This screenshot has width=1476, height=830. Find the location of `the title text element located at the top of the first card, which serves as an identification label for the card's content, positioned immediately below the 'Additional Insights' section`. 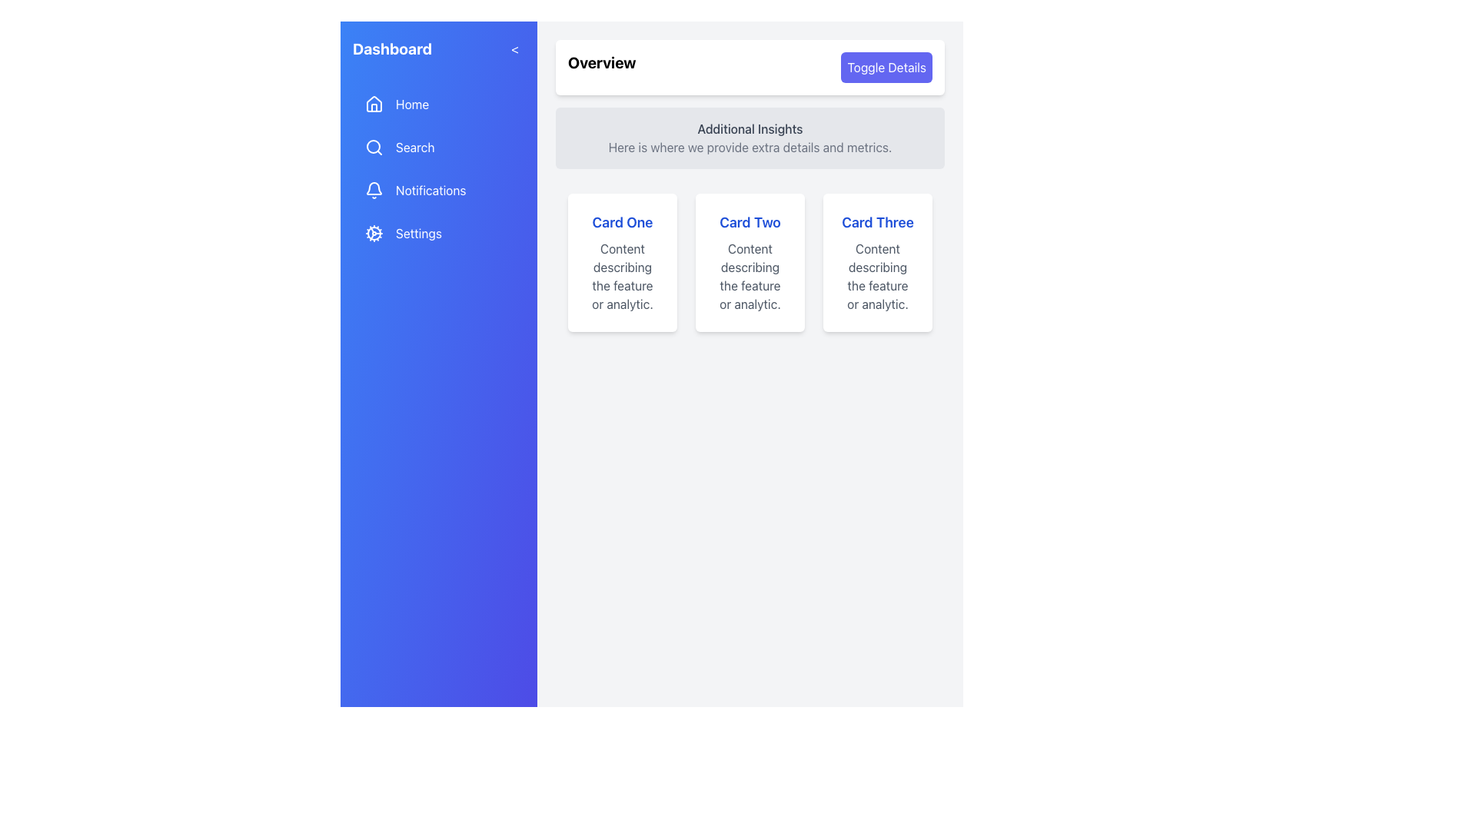

the title text element located at the top of the first card, which serves as an identification label for the card's content, positioned immediately below the 'Additional Insights' section is located at coordinates (623, 222).